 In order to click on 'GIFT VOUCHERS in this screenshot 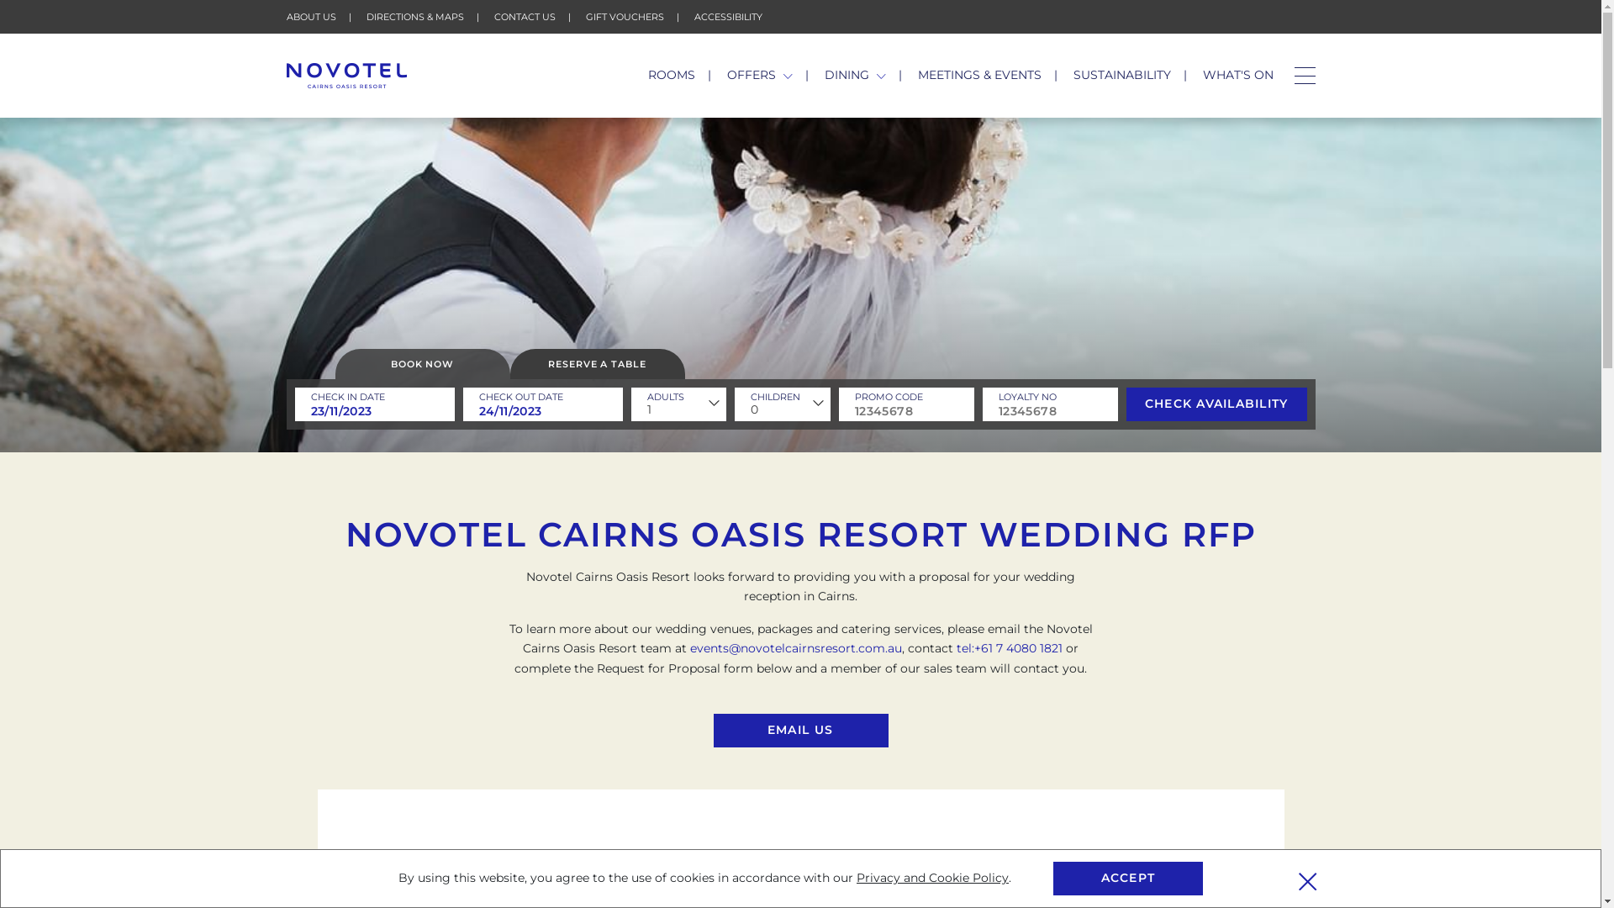, I will do `click(623, 16)`.